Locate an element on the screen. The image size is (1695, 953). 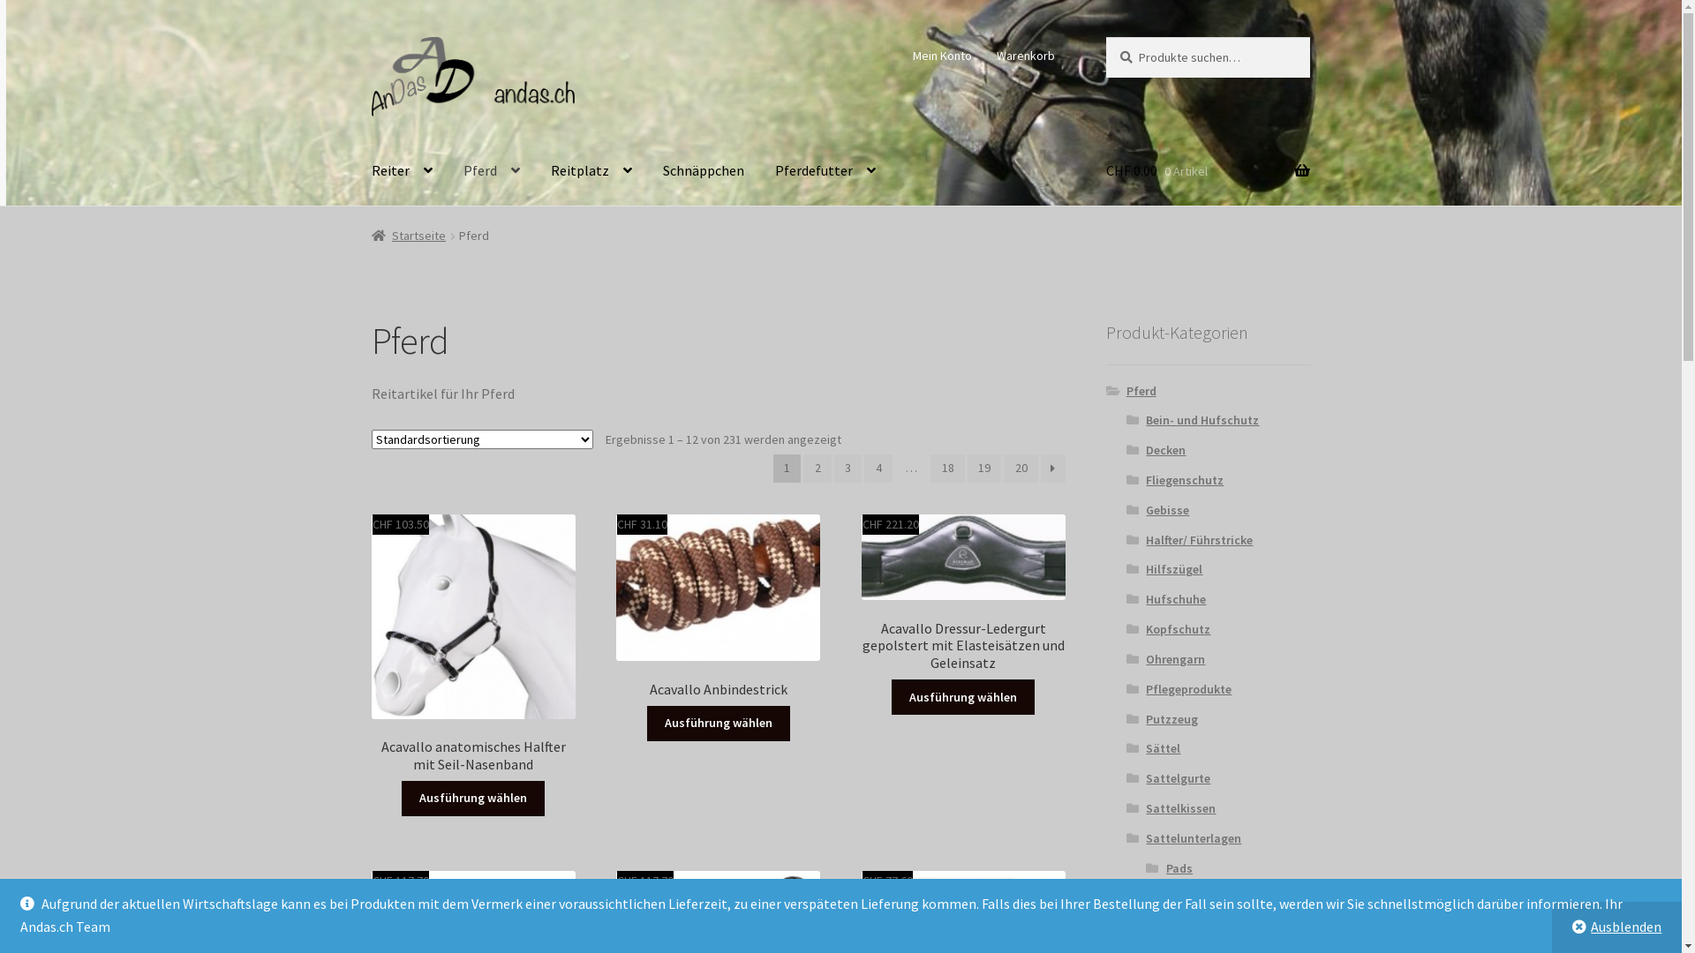
'Startseite' is located at coordinates (371, 234).